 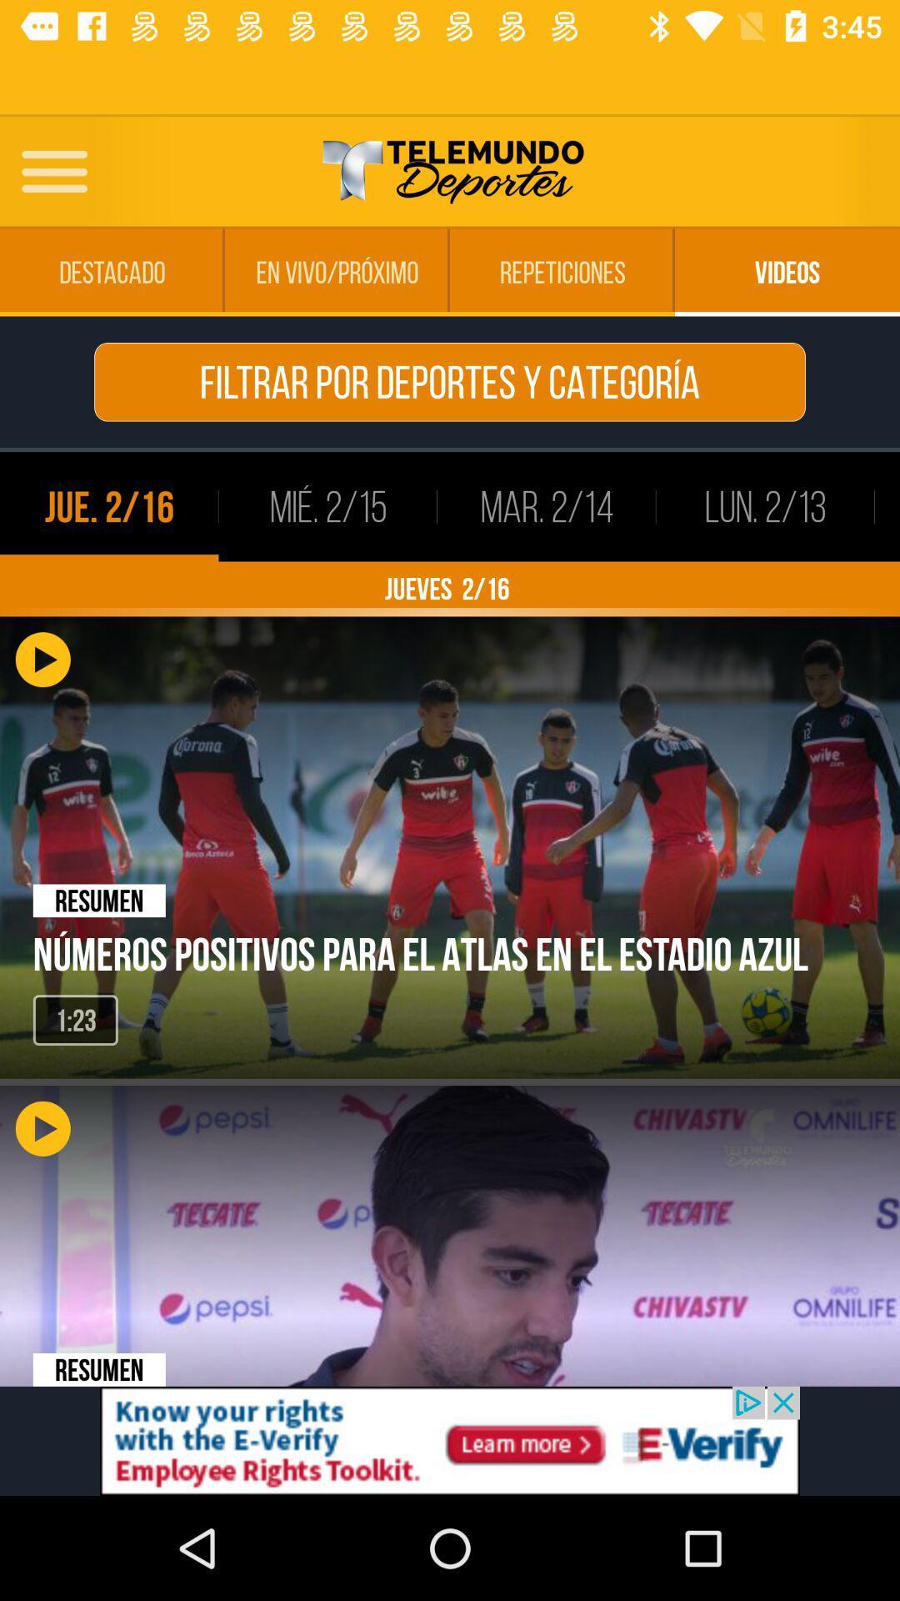 I want to click on open advertisement, so click(x=450, y=1440).